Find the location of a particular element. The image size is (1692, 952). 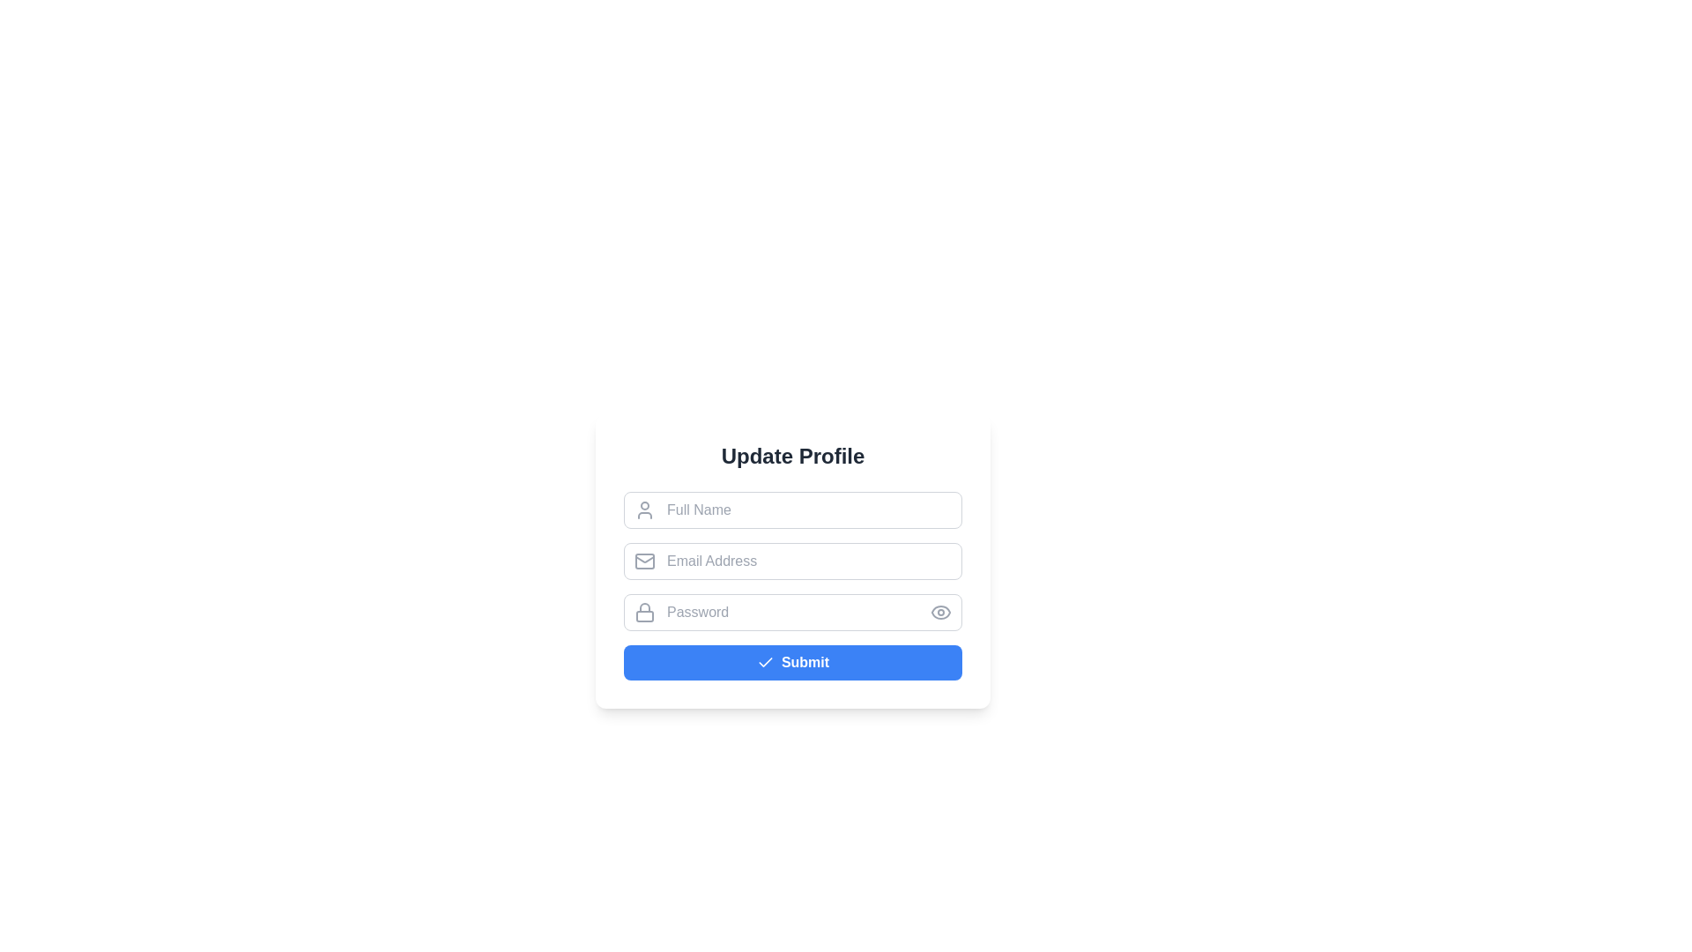

the decorative icon indicating the adjacent input field for the user's full name, located inside the 'Full Name' input field, above the 'Email Address' field in the 'Update Profile' section is located at coordinates (643, 509).